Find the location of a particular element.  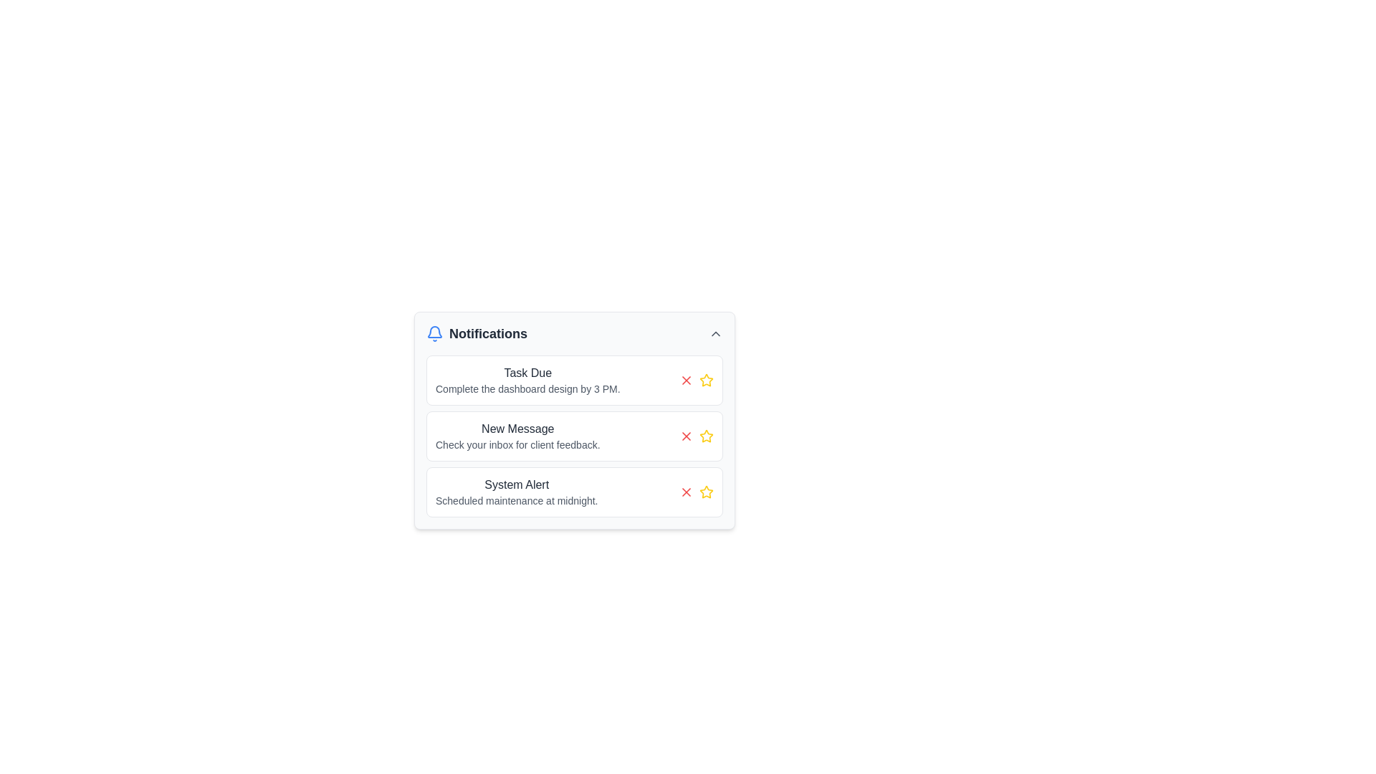

the delete button icon located in the middle of three horizontally aligned icons within the 'New Message' notification is located at coordinates (686, 436).